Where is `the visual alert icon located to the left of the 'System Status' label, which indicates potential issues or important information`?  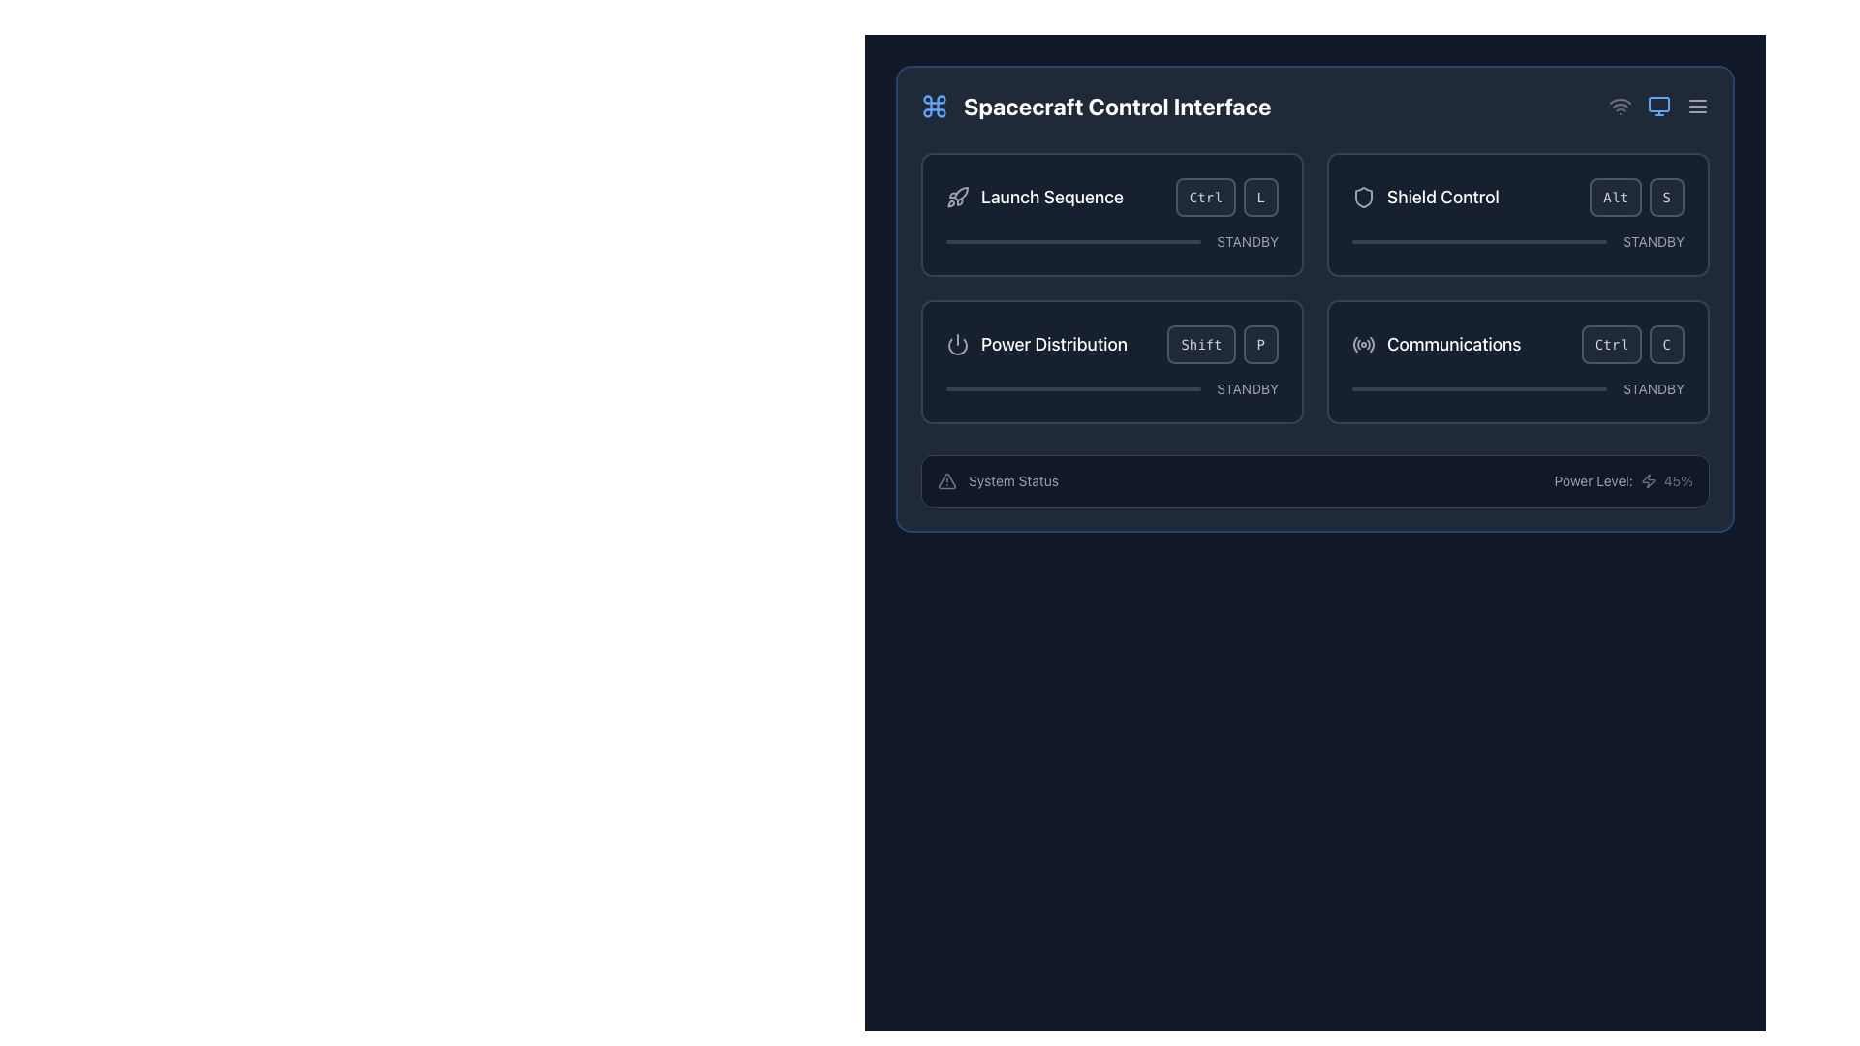 the visual alert icon located to the left of the 'System Status' label, which indicates potential issues or important information is located at coordinates (947, 480).